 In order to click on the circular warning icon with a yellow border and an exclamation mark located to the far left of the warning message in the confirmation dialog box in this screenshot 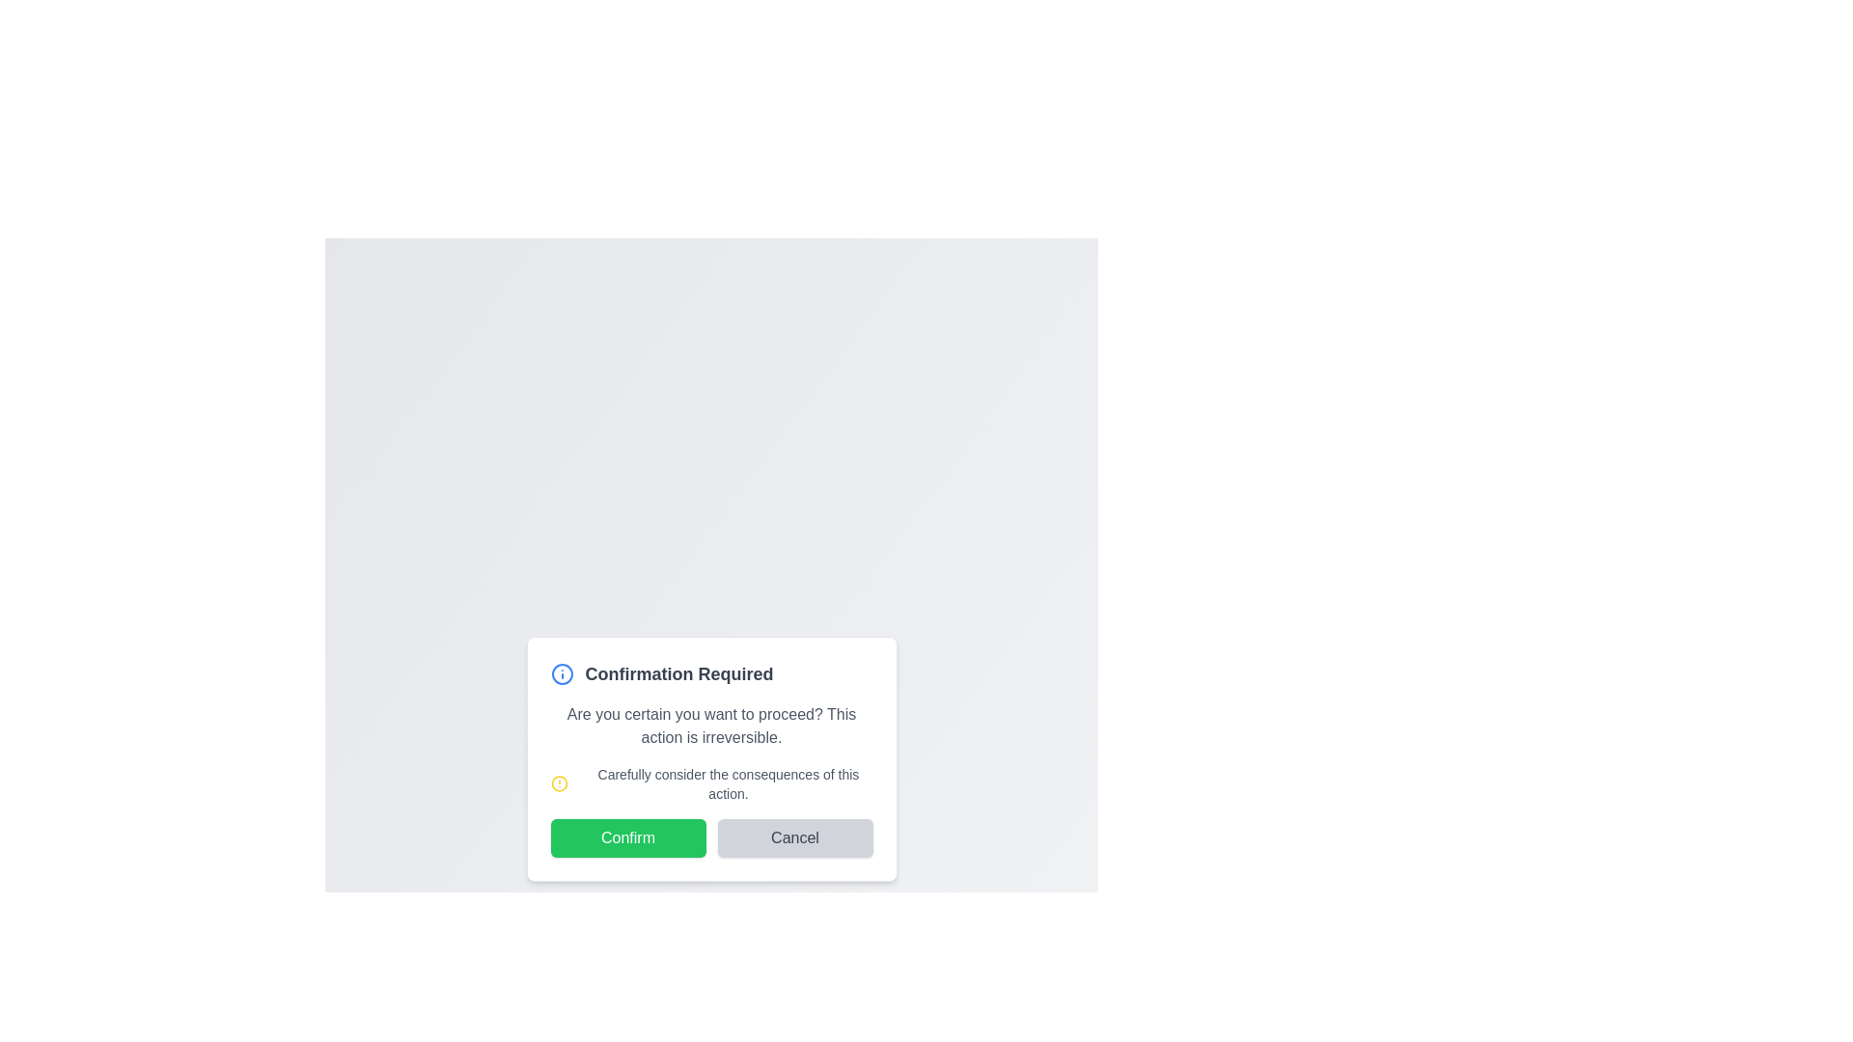, I will do `click(559, 784)`.